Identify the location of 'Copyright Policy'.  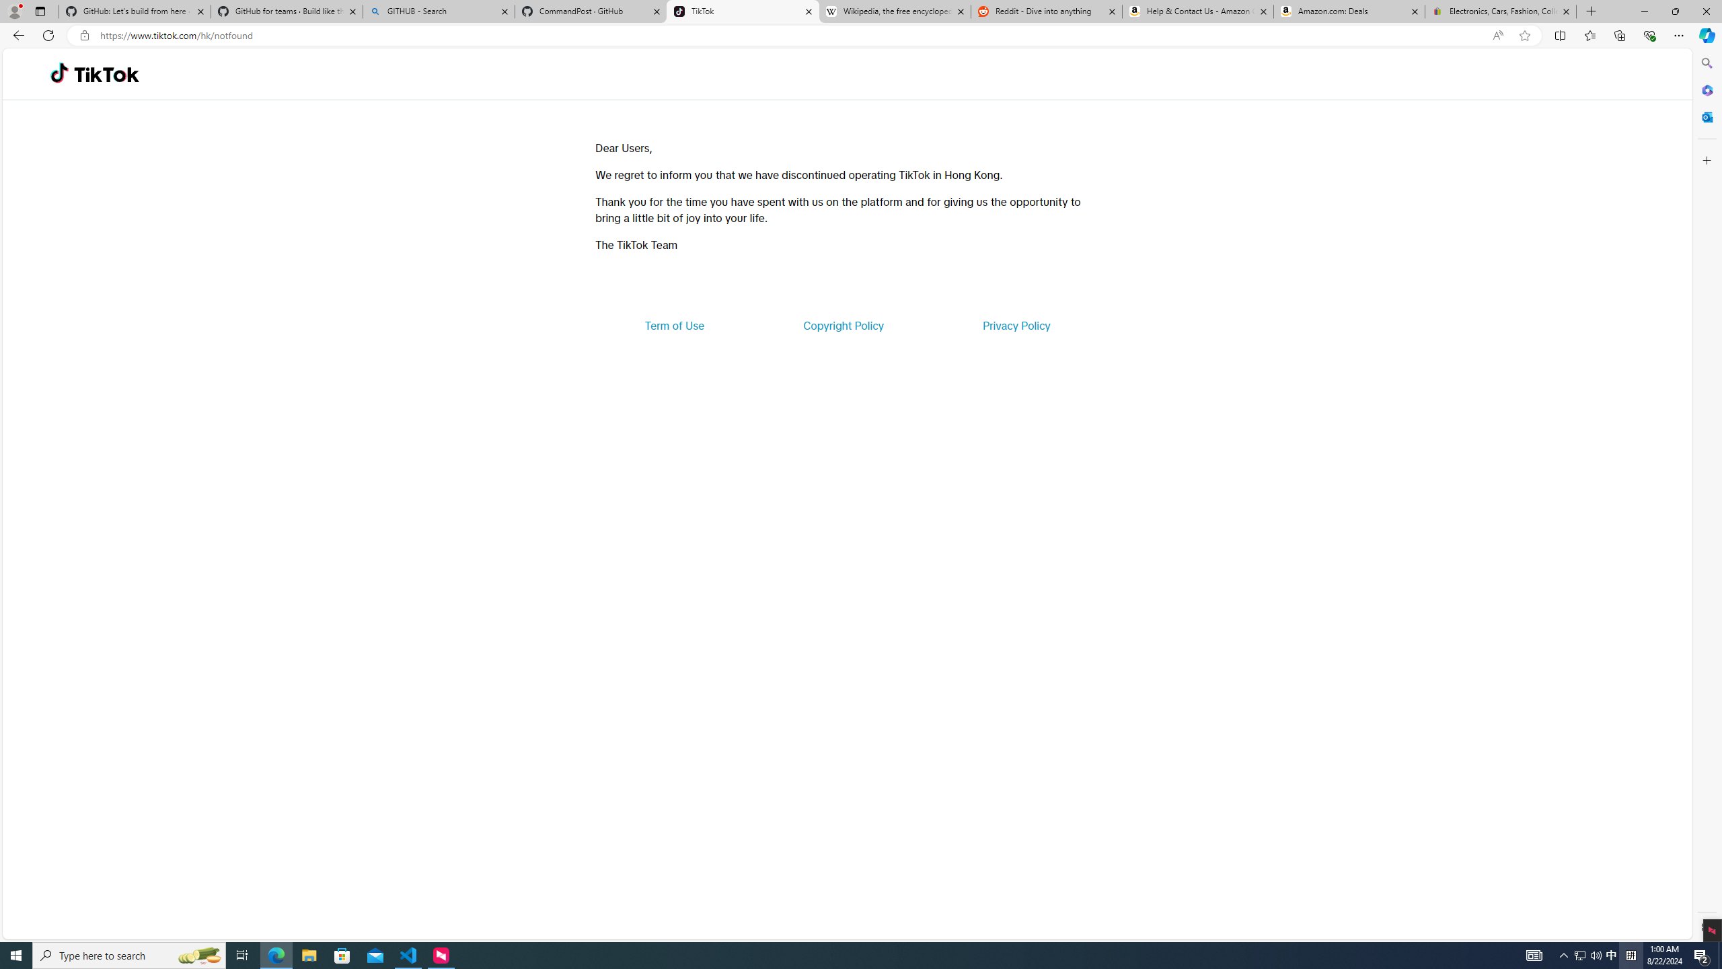
(842, 324).